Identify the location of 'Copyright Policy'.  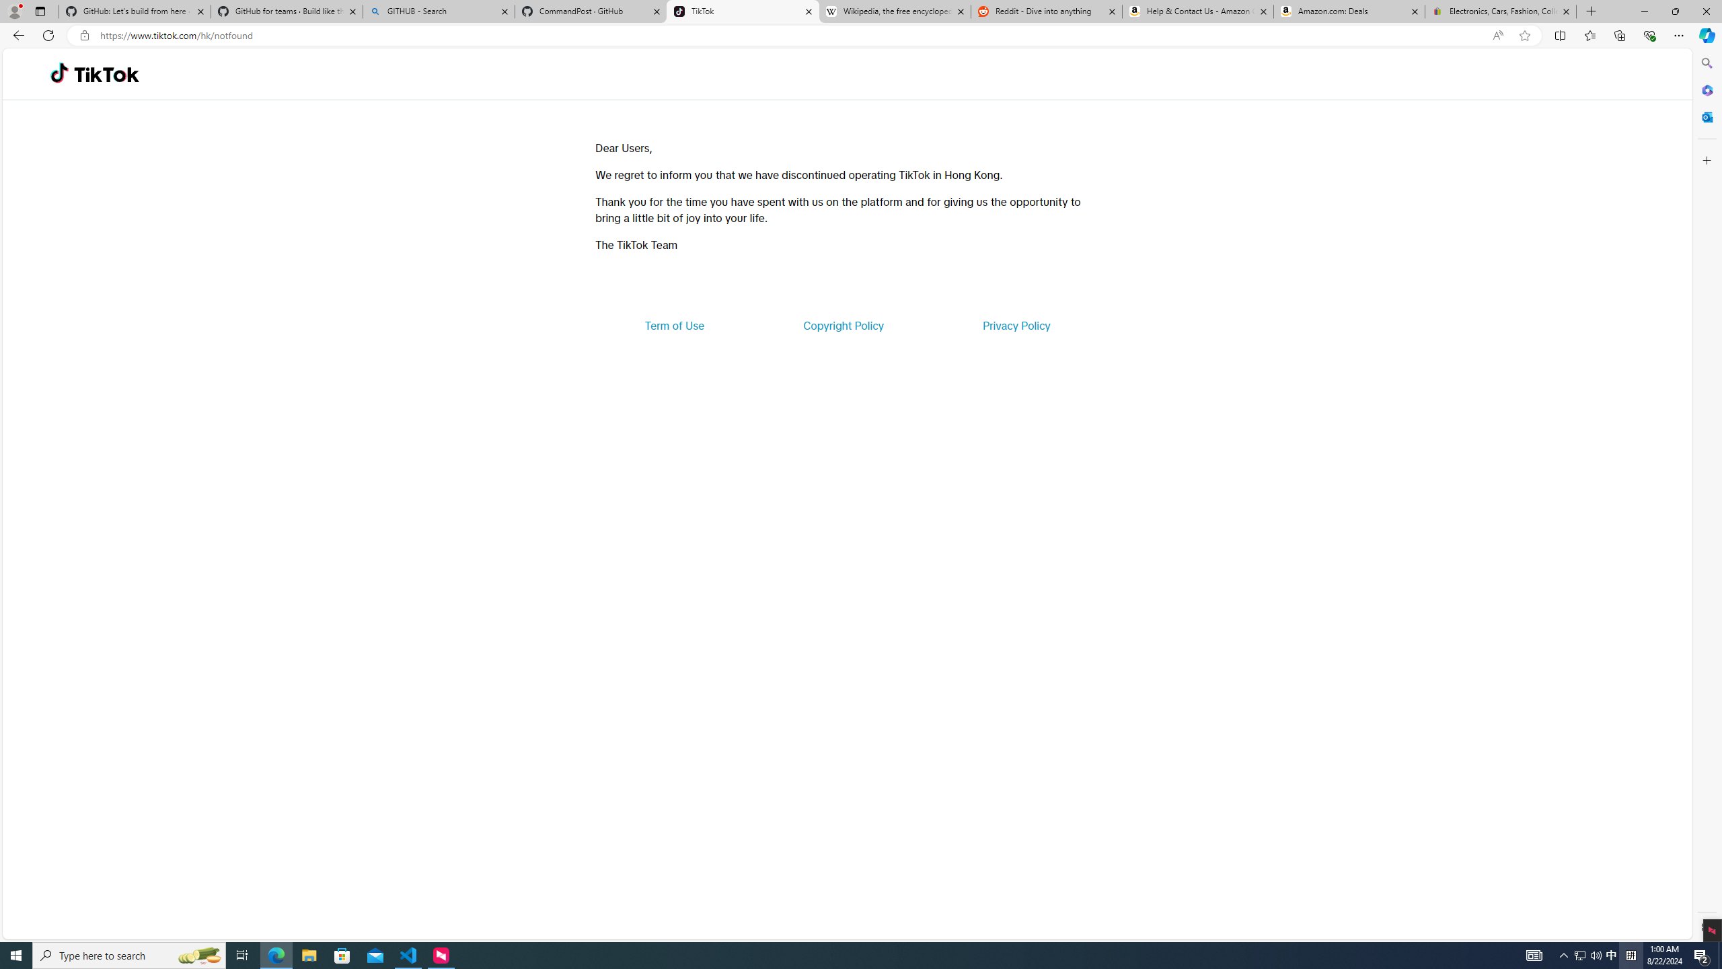
(842, 324).